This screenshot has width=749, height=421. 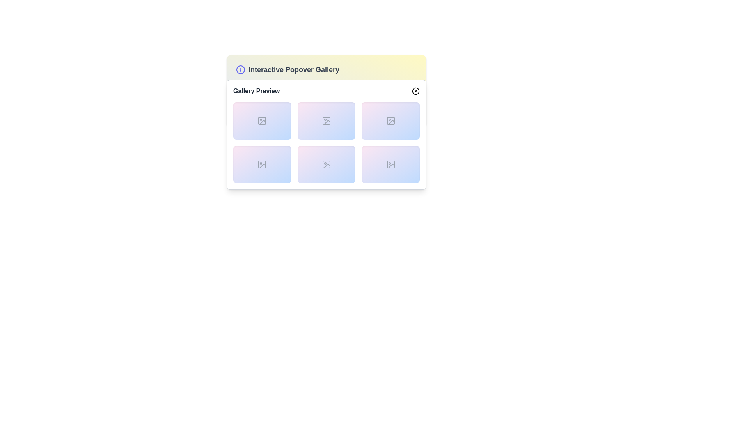 What do you see at coordinates (415, 91) in the screenshot?
I see `the close button for the 'Gallery Preview' section` at bounding box center [415, 91].